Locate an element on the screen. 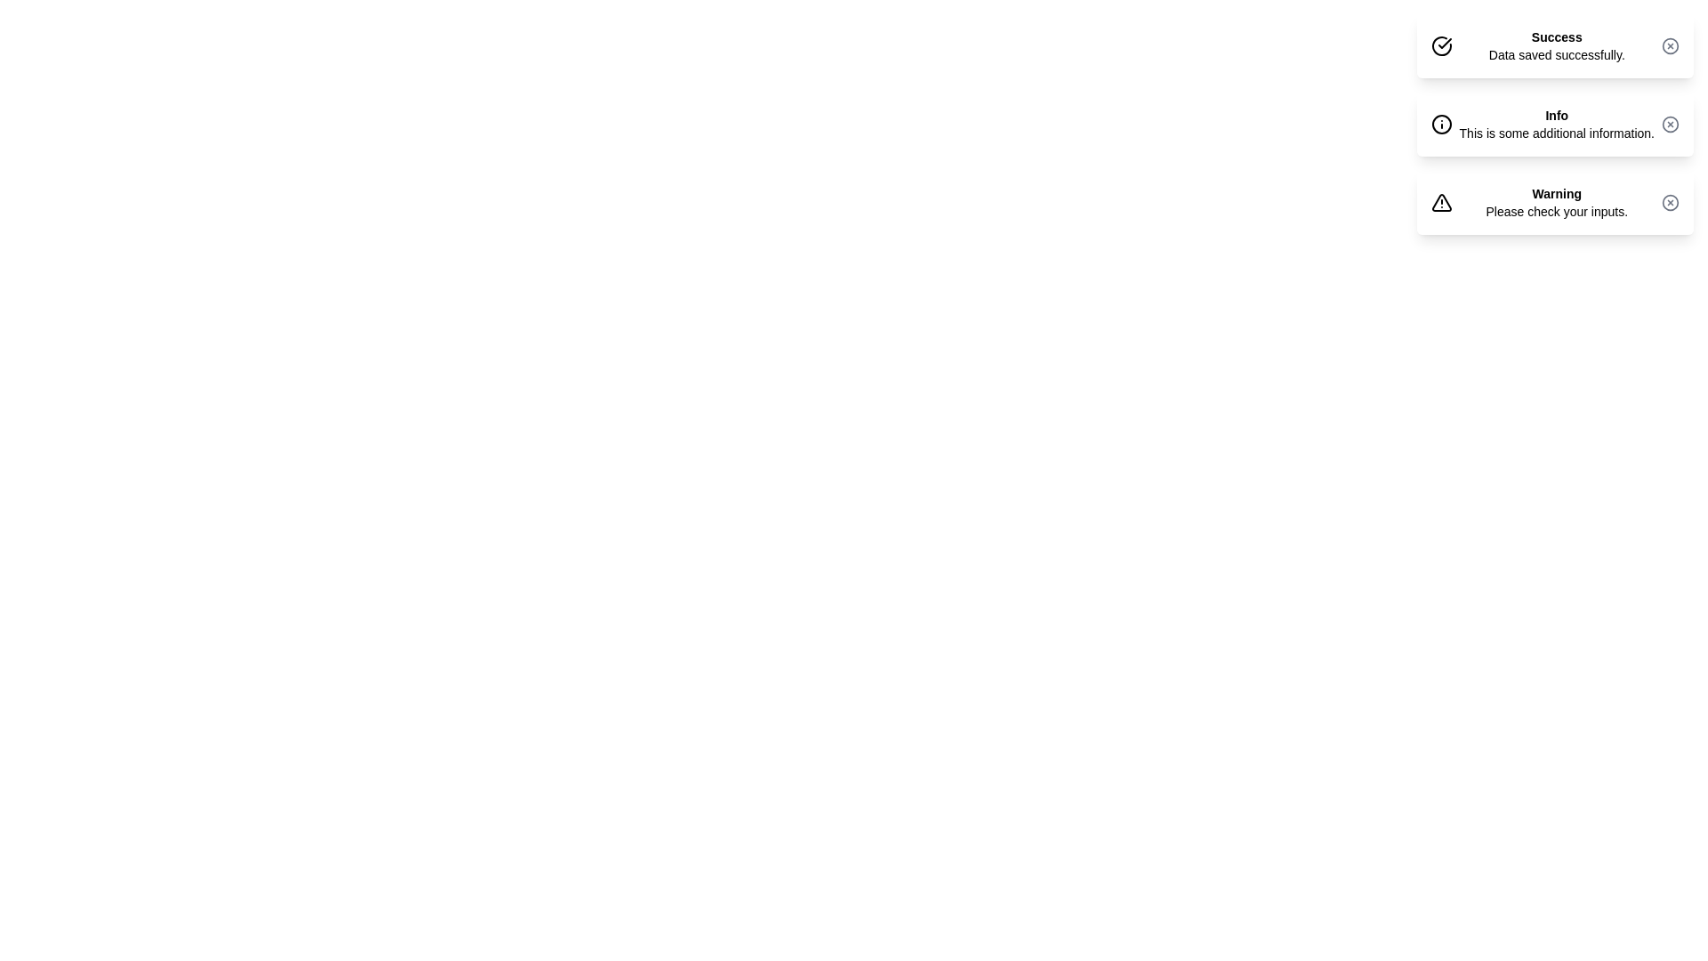 This screenshot has height=961, width=1708. the close icon in the notification box with a blue background that contains an 'i' symbol and the heading 'Info' positioned above the 'Warning' notification is located at coordinates (1554, 123).